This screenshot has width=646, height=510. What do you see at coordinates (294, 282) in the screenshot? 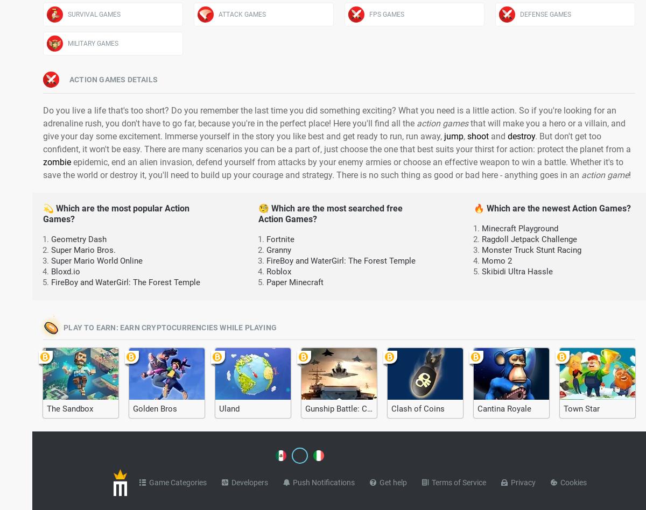
I see `'Paper Minecraft'` at bounding box center [294, 282].